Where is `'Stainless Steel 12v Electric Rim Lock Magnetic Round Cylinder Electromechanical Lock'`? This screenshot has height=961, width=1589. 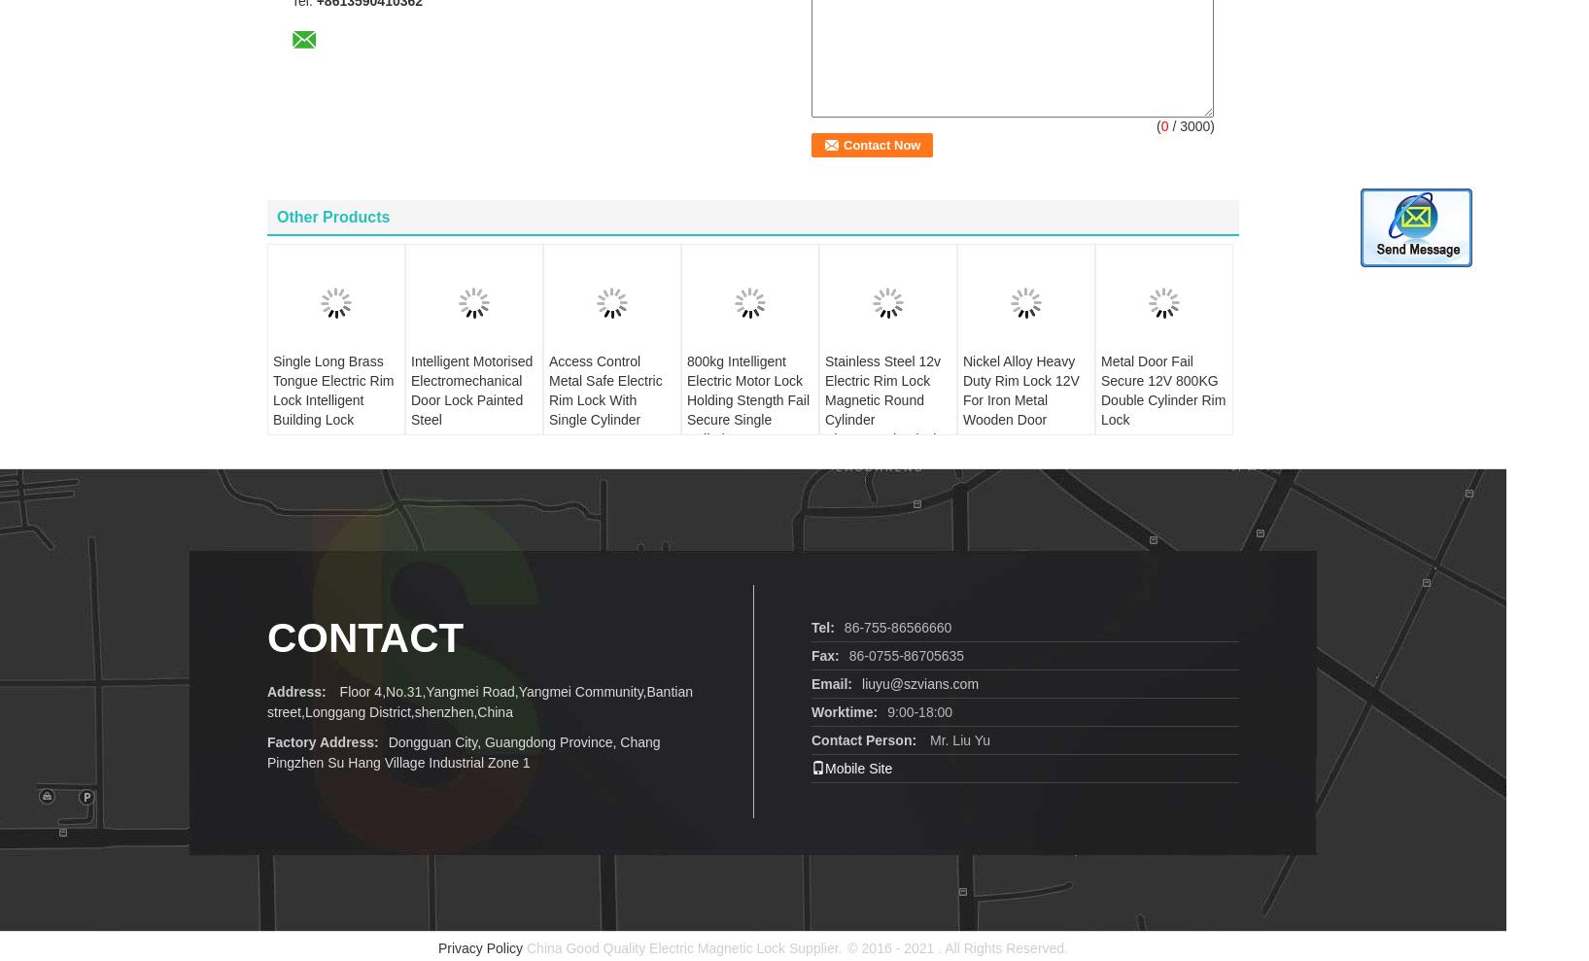
'Stainless Steel 12v Electric Rim Lock Magnetic Round Cylinder Electromechanical Lock' is located at coordinates (881, 378).